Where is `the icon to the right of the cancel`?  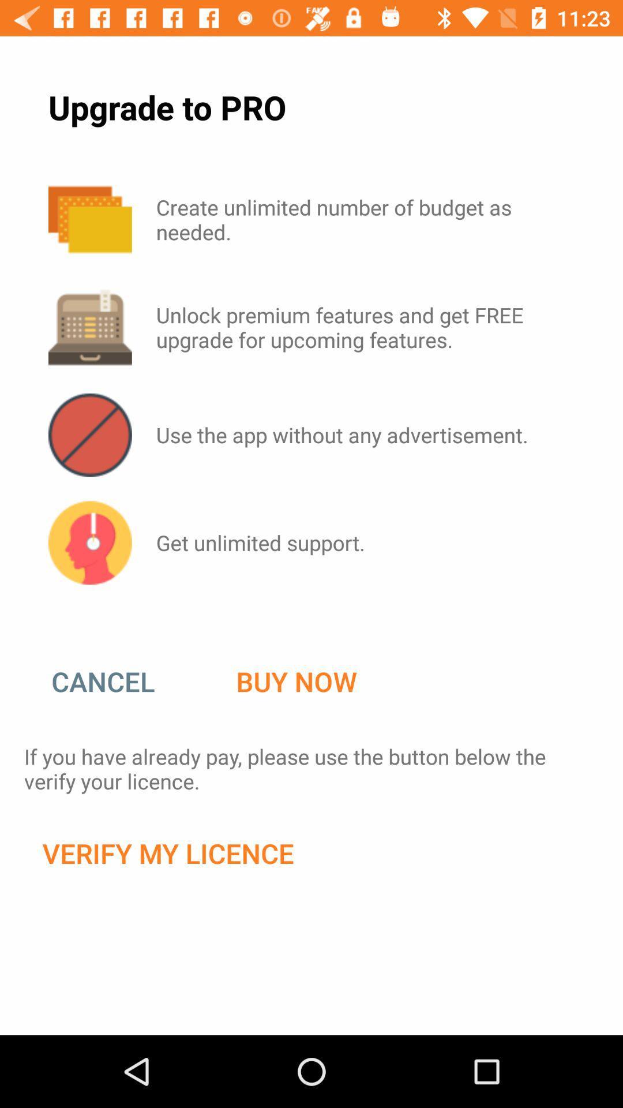 the icon to the right of the cancel is located at coordinates (296, 682).